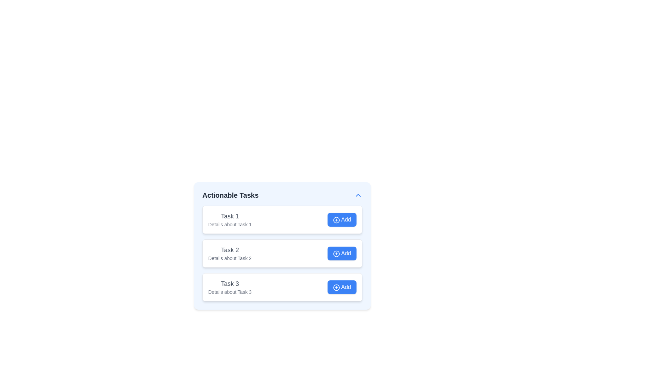 This screenshot has height=372, width=662. What do you see at coordinates (230, 216) in the screenshot?
I see `the 'Task 1' text label displayed in bold, dark gray font located in the upper portion of the first task card under the 'Actionable Tasks' section` at bounding box center [230, 216].